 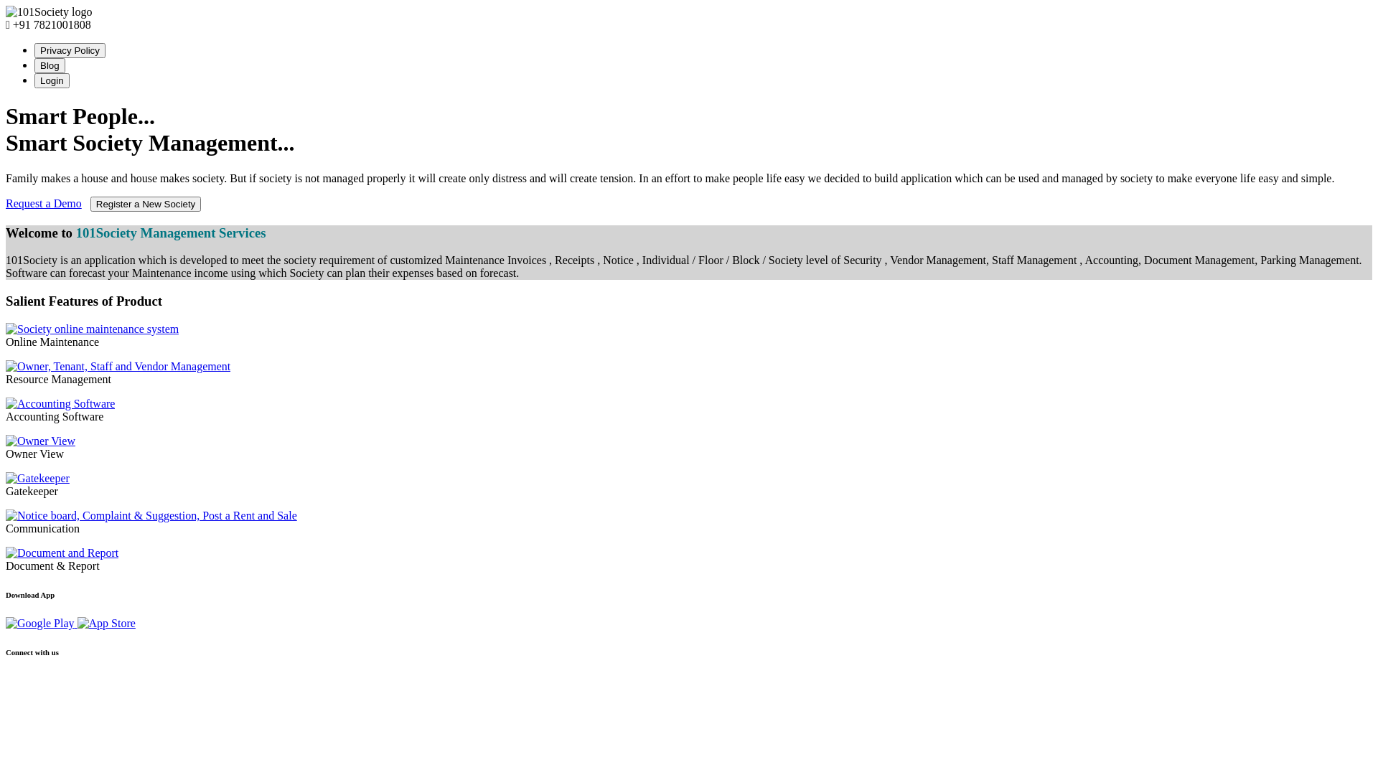 I want to click on 'Request a Demo', so click(x=44, y=203).